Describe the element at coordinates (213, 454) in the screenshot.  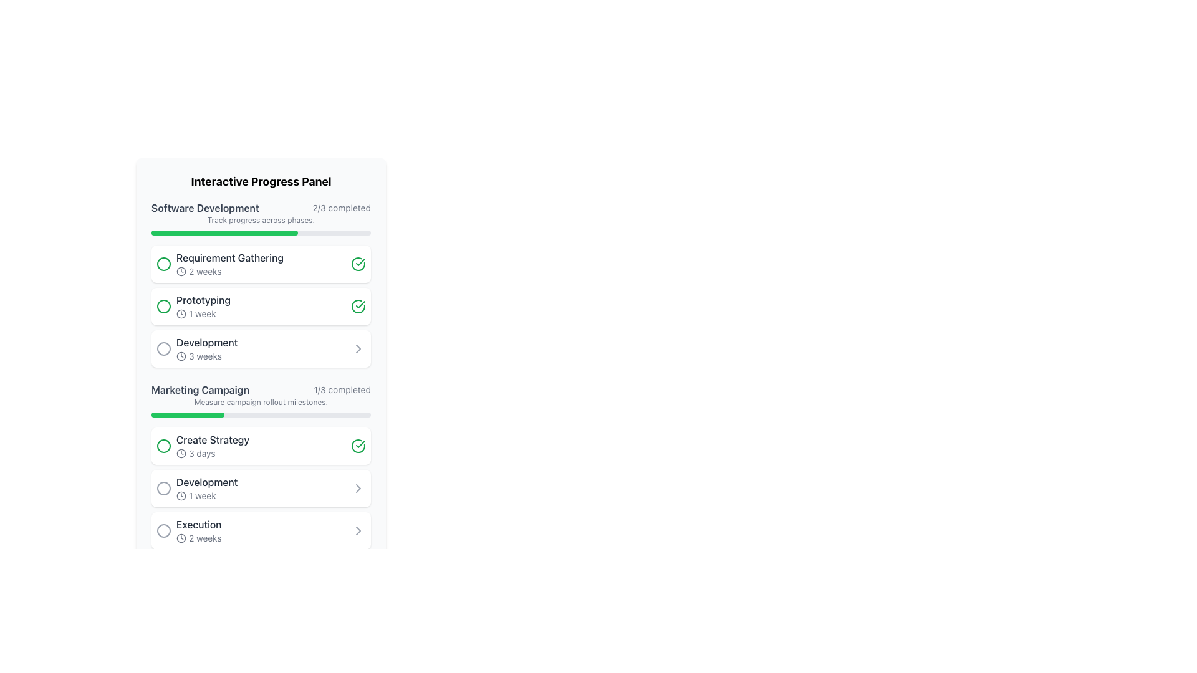
I see `the Text label with icon that indicates the time duration for 'Create Strategy', which shows '3 days', located in the lower section of the 'Create Strategy' item under the 'Marketing Campaign' category` at that location.